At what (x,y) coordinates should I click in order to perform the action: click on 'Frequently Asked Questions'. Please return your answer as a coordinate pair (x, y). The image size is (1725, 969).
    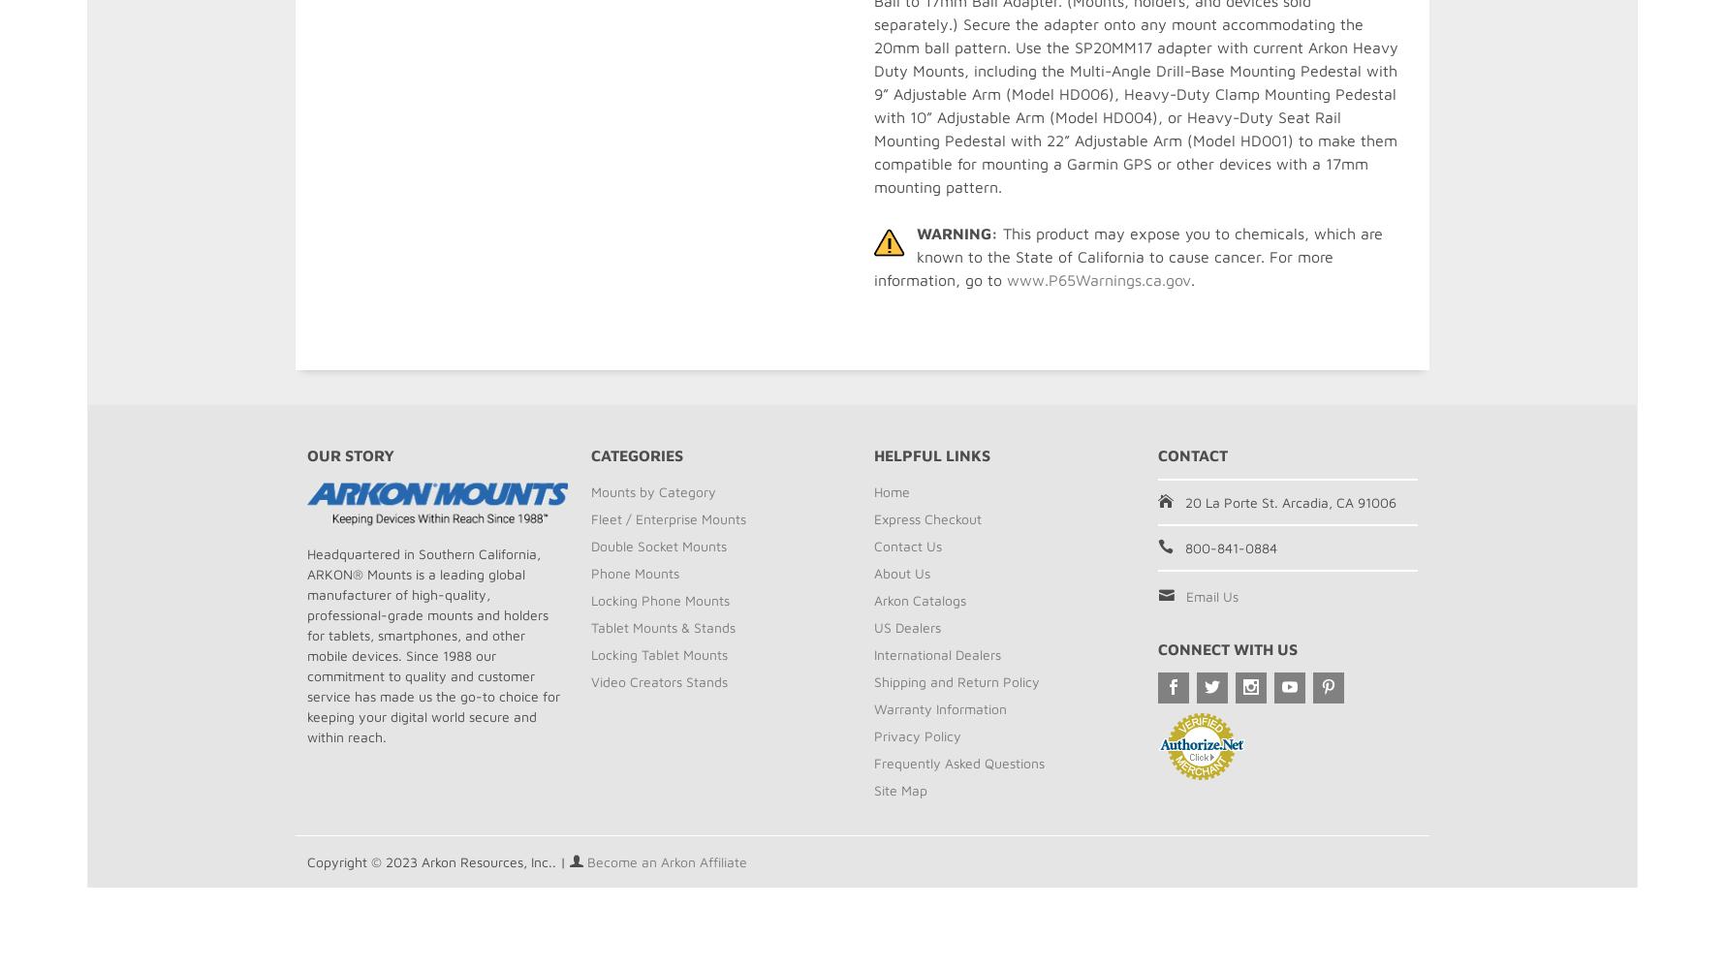
    Looking at the image, I should click on (958, 763).